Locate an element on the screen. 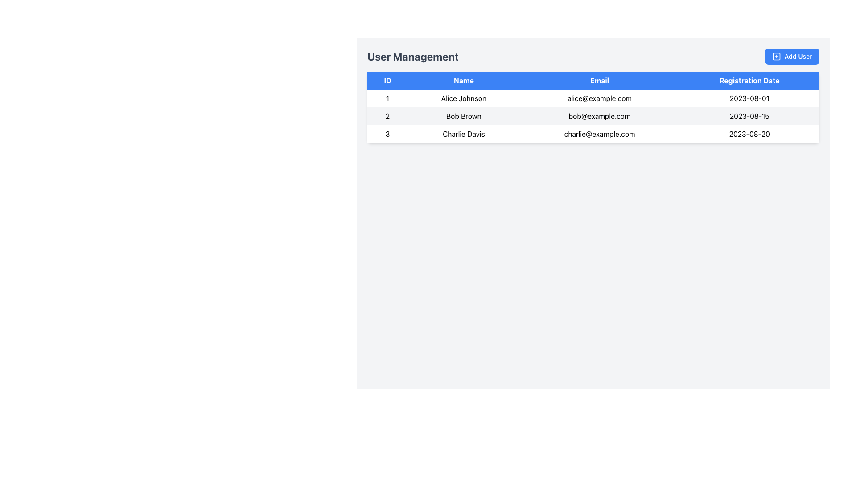 The image size is (856, 481). the 'Email' column header, which is the third column in a table with a blue background and white text is located at coordinates (600, 81).